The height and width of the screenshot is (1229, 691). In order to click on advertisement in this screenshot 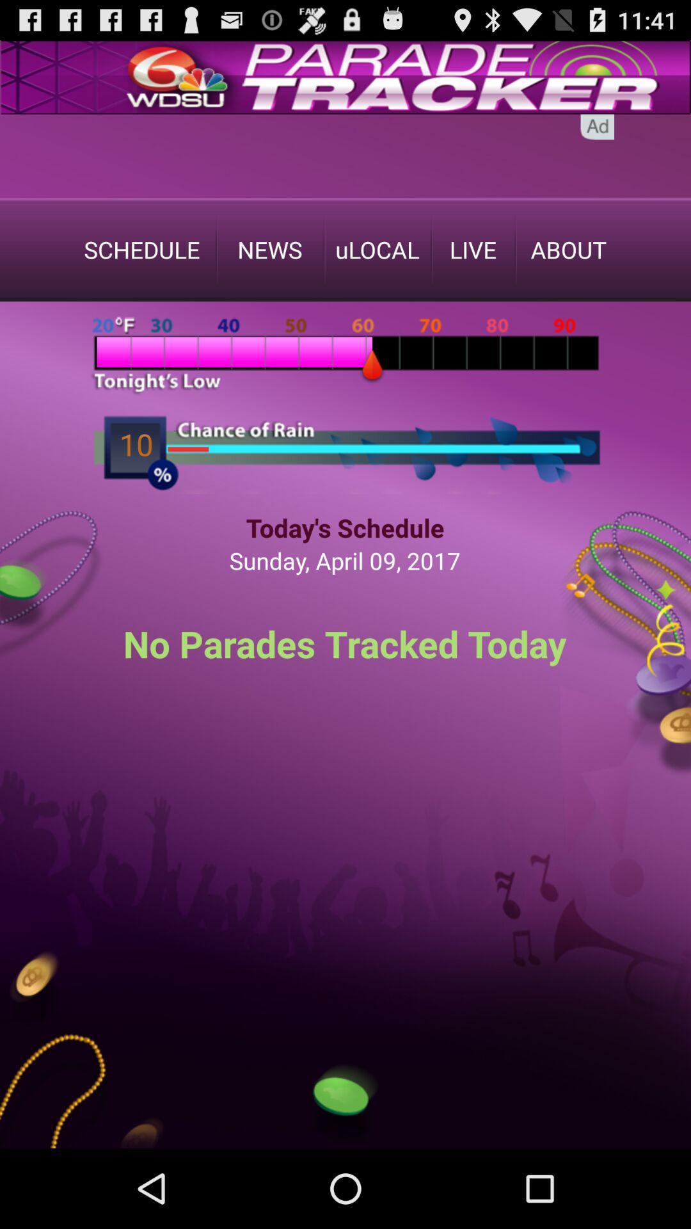, I will do `click(345, 156)`.